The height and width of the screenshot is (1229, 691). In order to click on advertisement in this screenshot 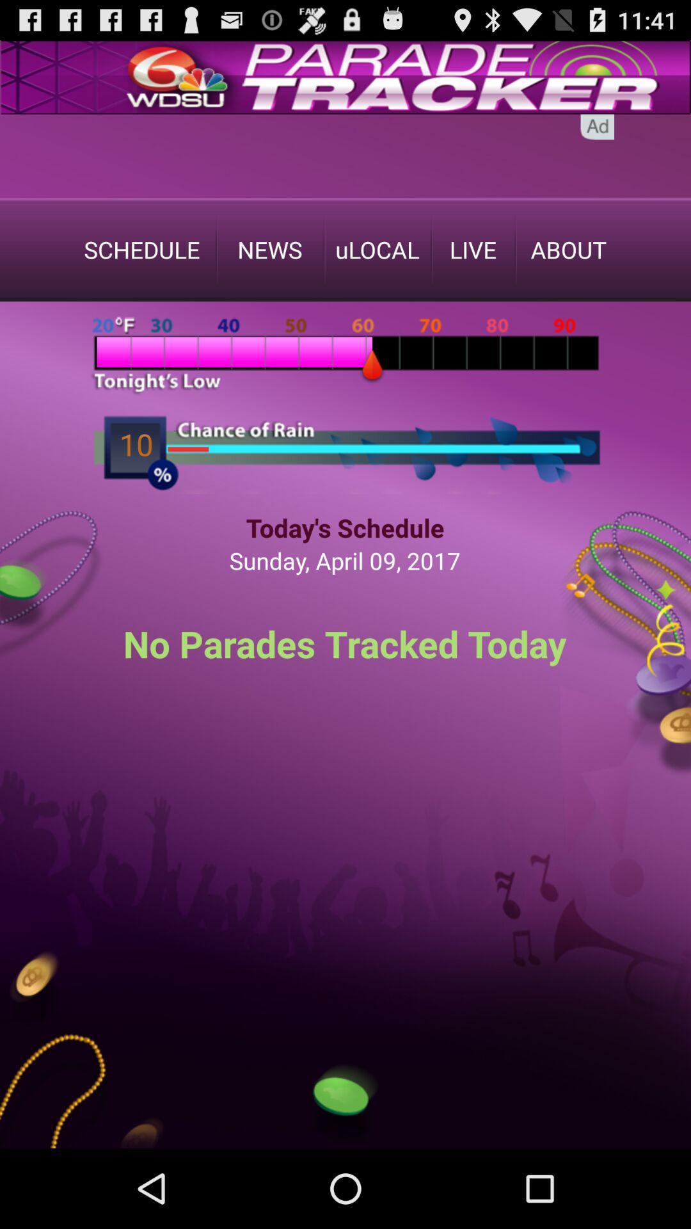, I will do `click(345, 156)`.